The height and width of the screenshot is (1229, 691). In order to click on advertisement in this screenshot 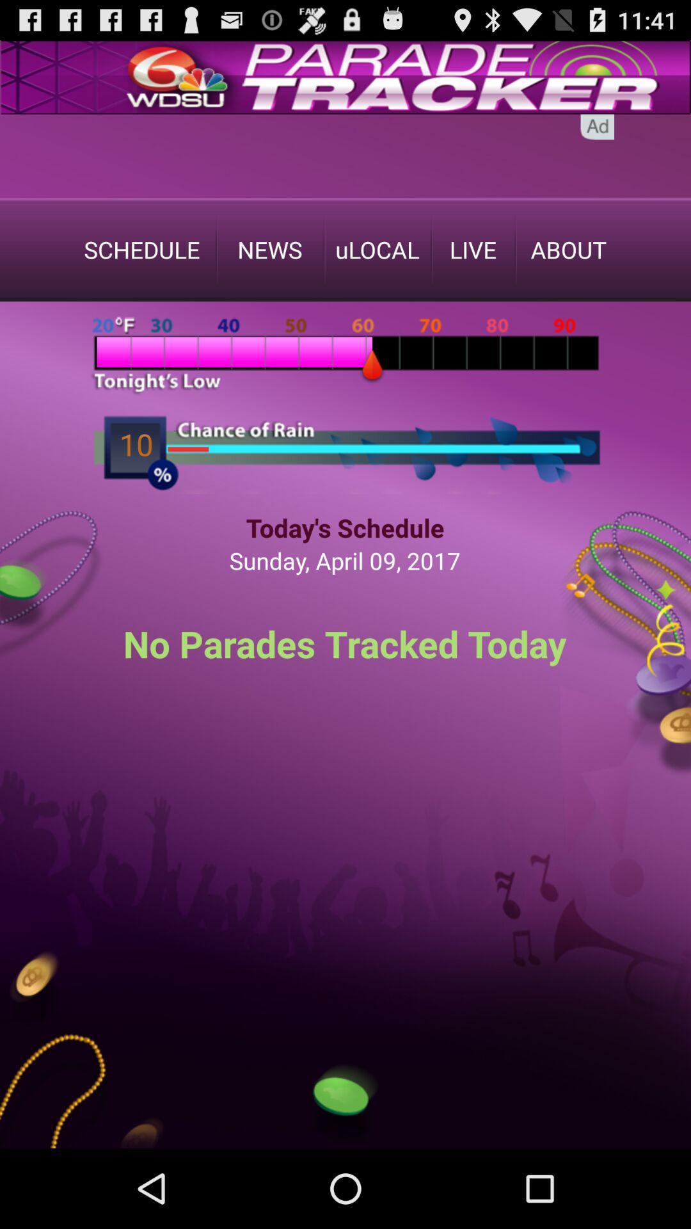, I will do `click(345, 156)`.